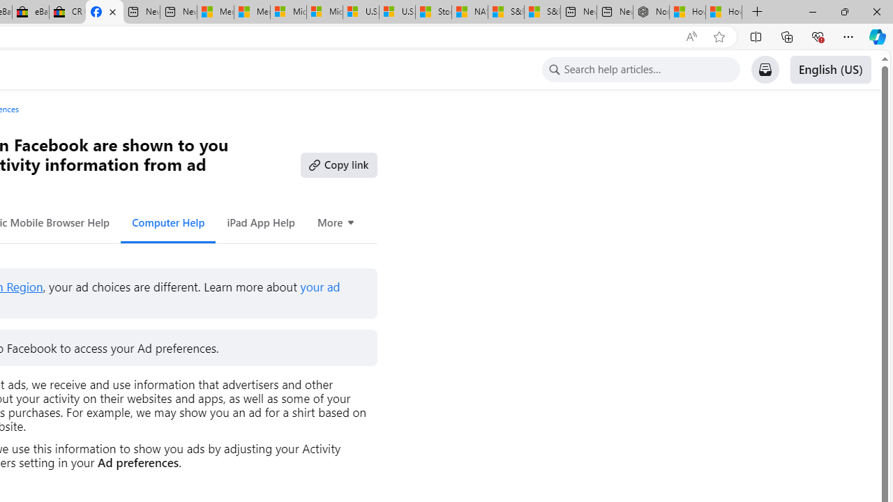  What do you see at coordinates (764, 70) in the screenshot?
I see `'Support Inbox'` at bounding box center [764, 70].